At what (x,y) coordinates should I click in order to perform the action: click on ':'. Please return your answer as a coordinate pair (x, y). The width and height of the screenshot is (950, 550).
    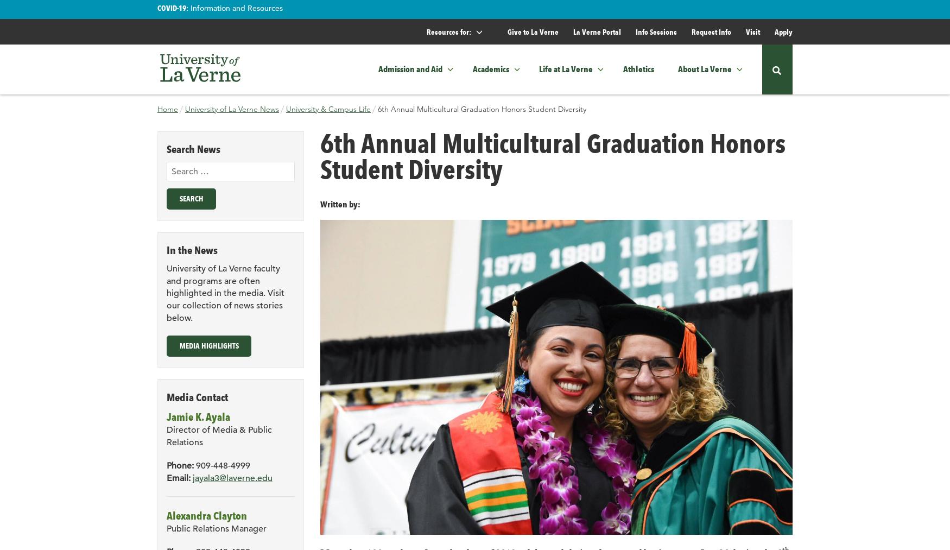
    Looking at the image, I should click on (187, 7).